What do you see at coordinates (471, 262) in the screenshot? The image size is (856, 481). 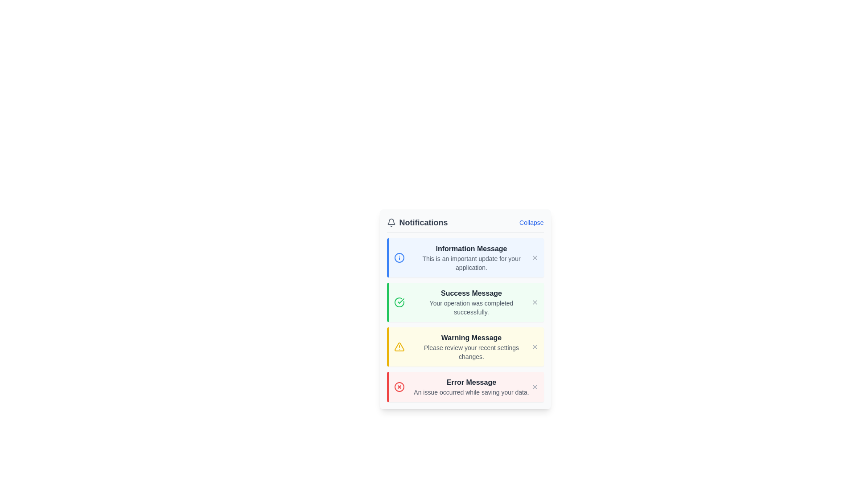 I see `informative text displayed in the static text field related to 'Information Message', which is centrally aligned within the notification box` at bounding box center [471, 262].